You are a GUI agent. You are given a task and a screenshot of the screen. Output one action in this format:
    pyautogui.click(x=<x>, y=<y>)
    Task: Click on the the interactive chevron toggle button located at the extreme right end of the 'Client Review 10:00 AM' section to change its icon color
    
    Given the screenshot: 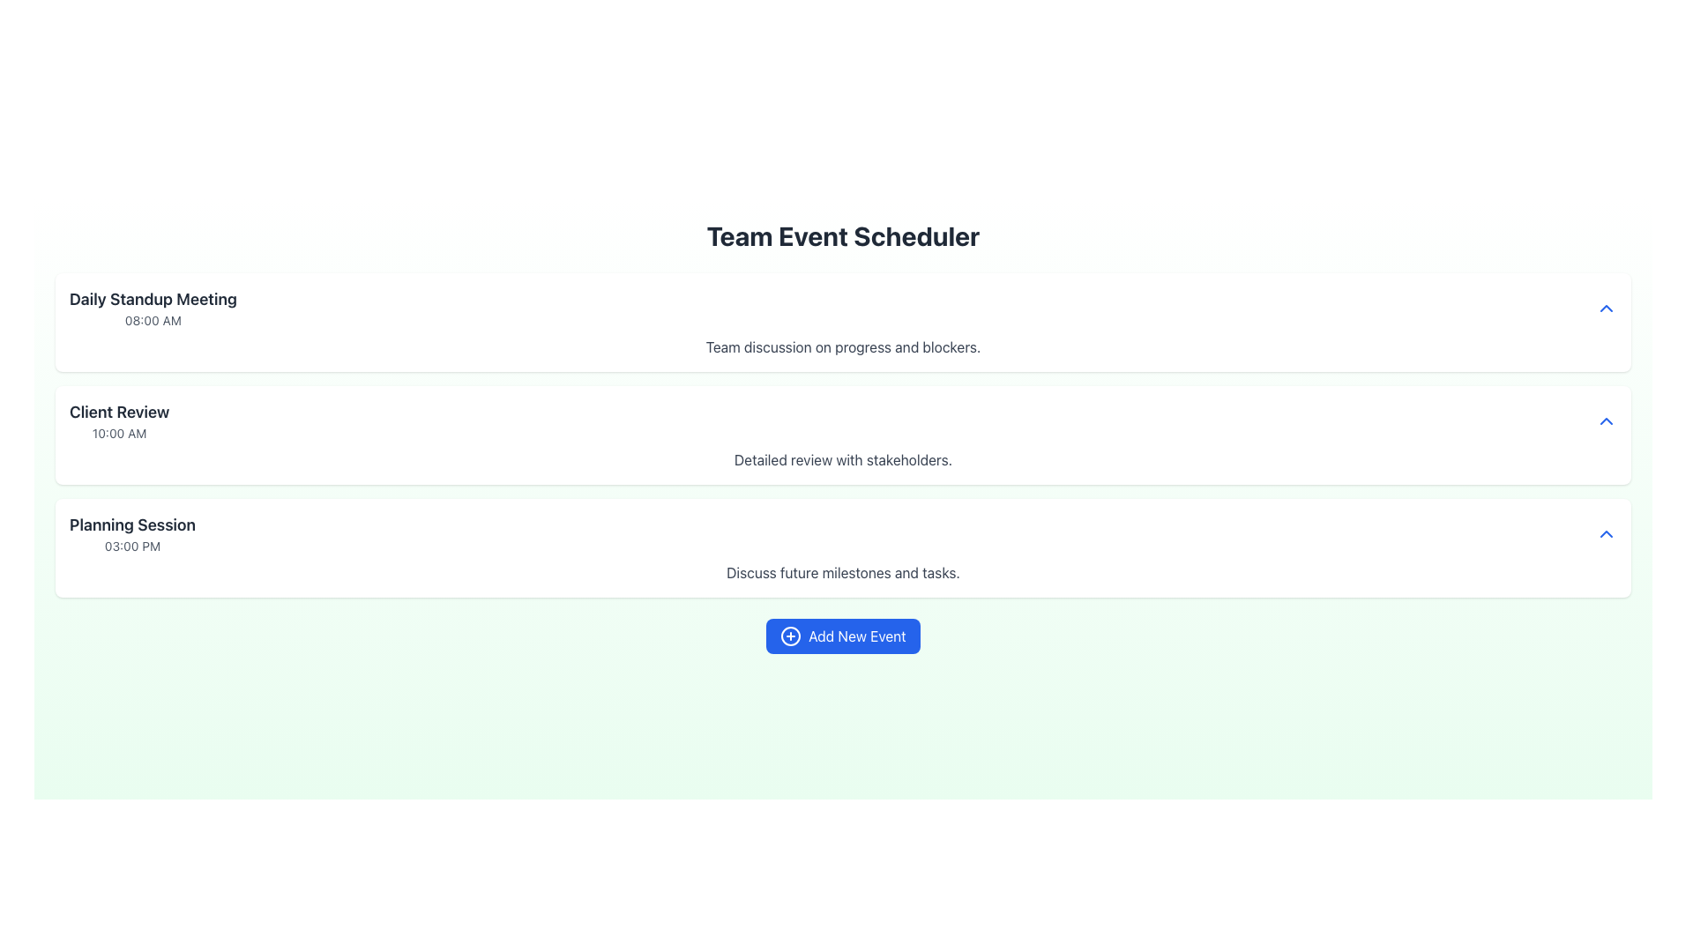 What is the action you would take?
    pyautogui.click(x=1607, y=421)
    